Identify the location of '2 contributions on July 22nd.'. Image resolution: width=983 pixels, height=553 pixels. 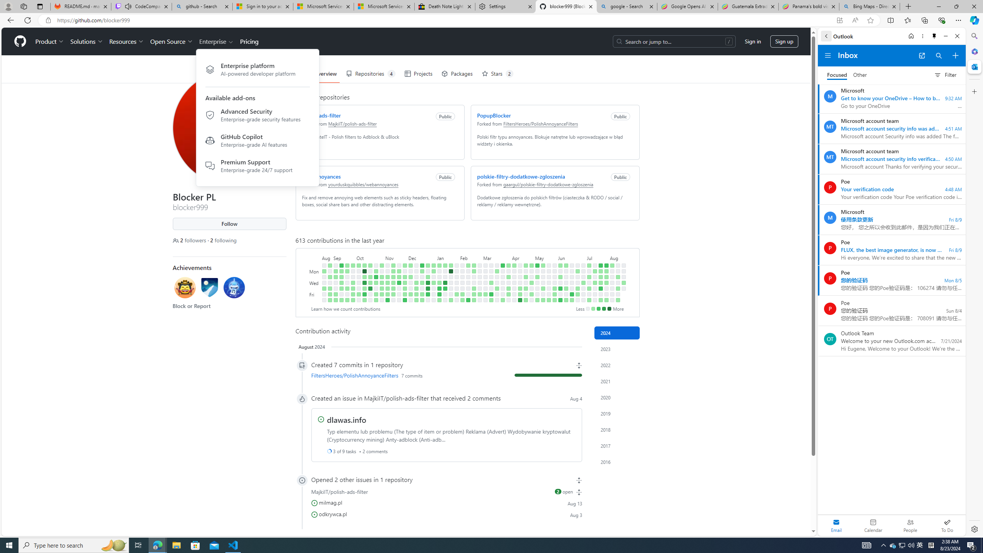
(601, 271).